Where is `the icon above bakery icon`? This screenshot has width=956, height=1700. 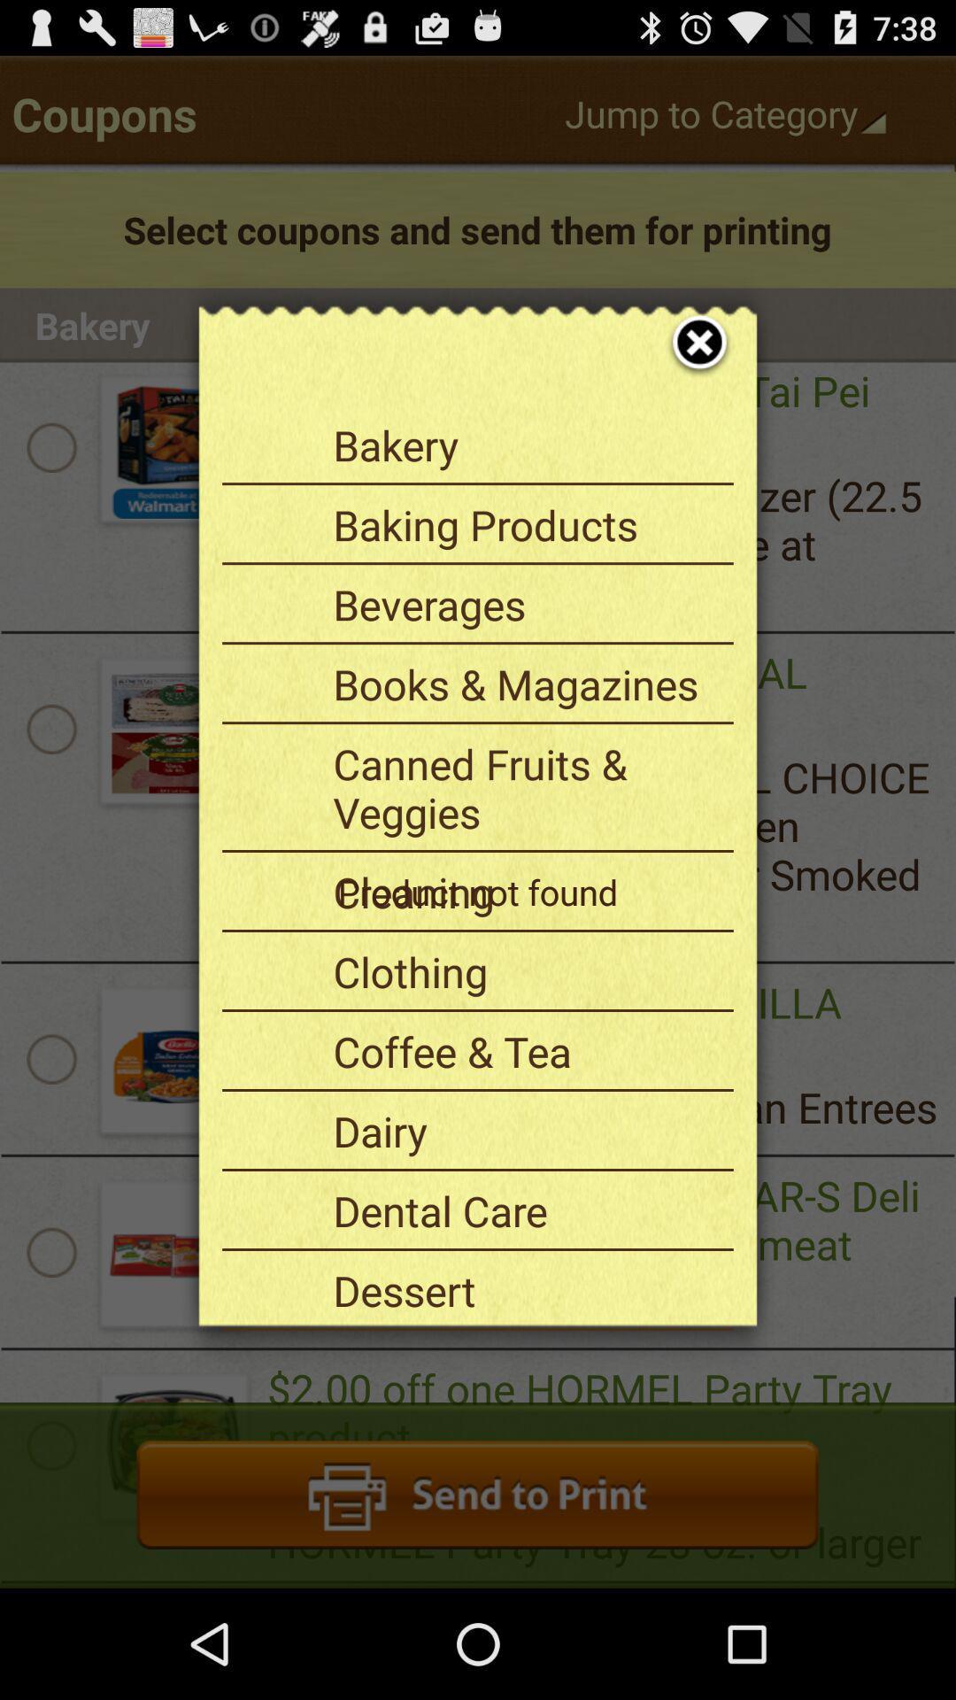
the icon above bakery icon is located at coordinates (687, 322).